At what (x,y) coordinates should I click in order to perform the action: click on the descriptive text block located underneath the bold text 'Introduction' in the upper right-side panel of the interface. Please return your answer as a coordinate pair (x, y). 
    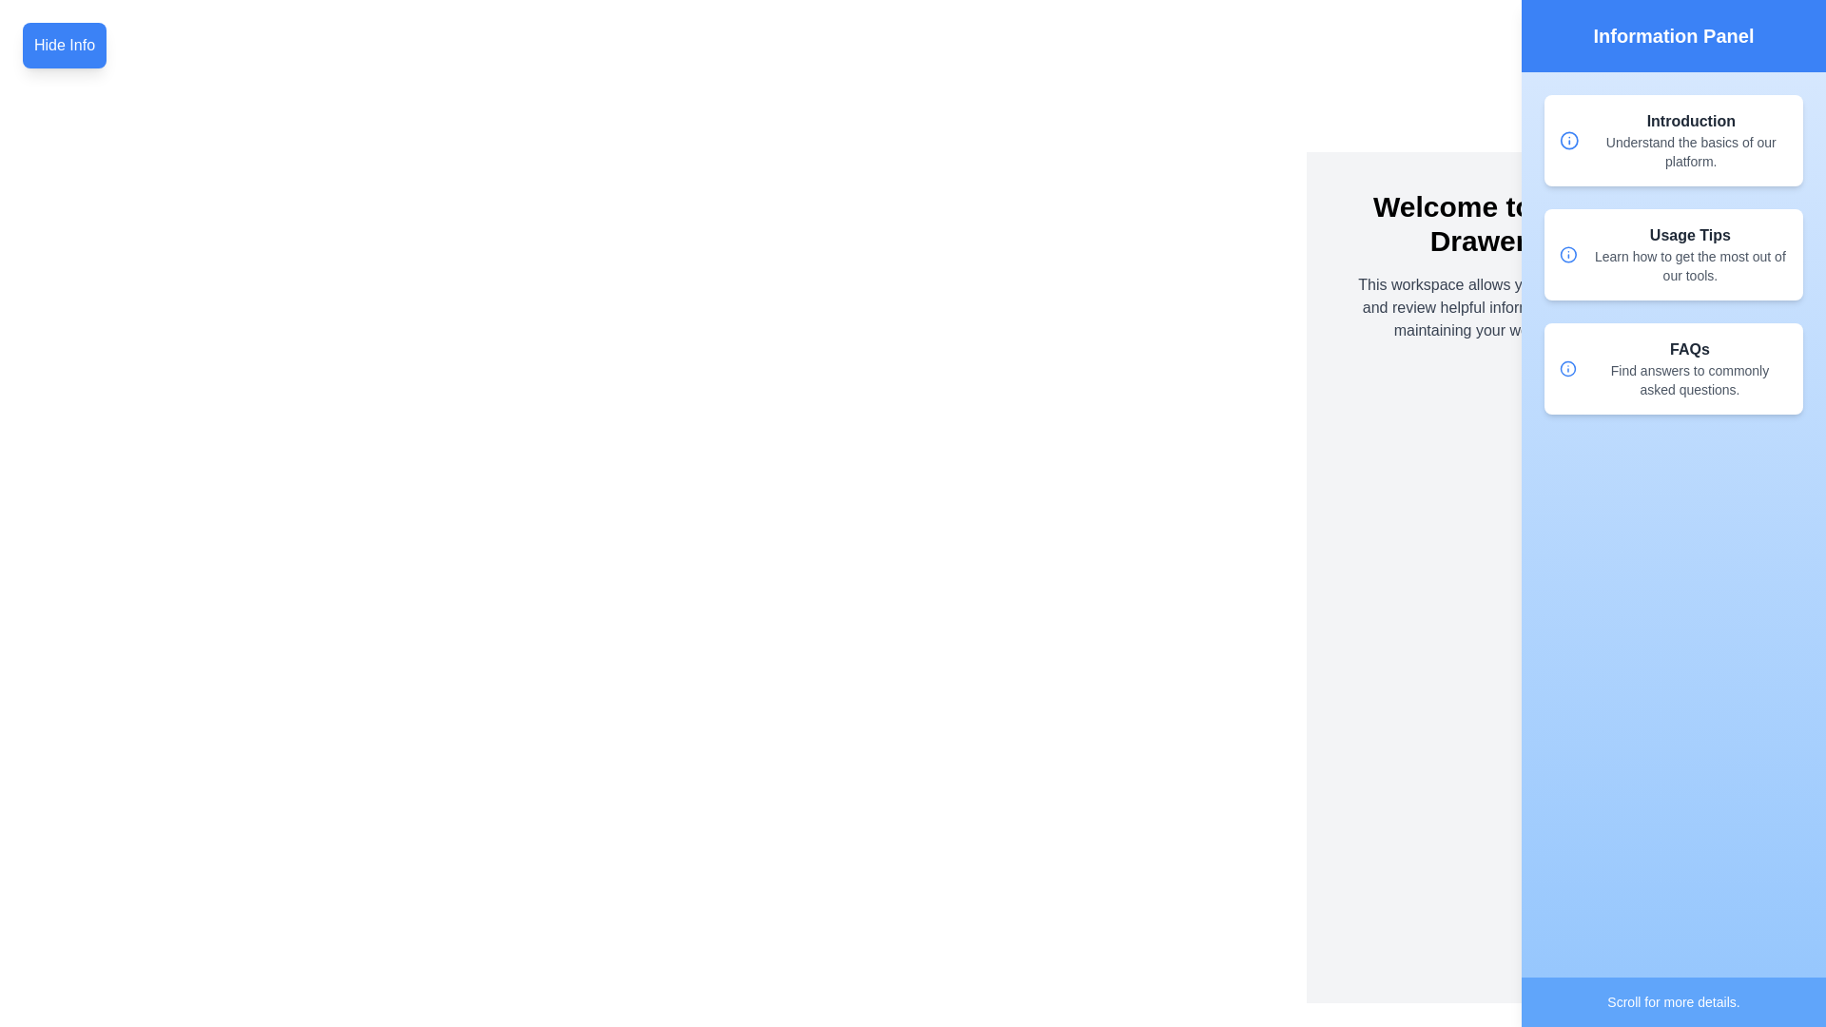
    Looking at the image, I should click on (1691, 150).